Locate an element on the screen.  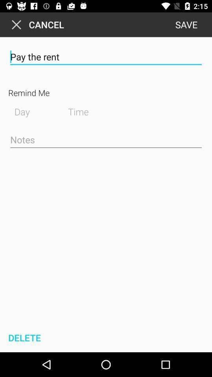
pay the rent item is located at coordinates (106, 57).